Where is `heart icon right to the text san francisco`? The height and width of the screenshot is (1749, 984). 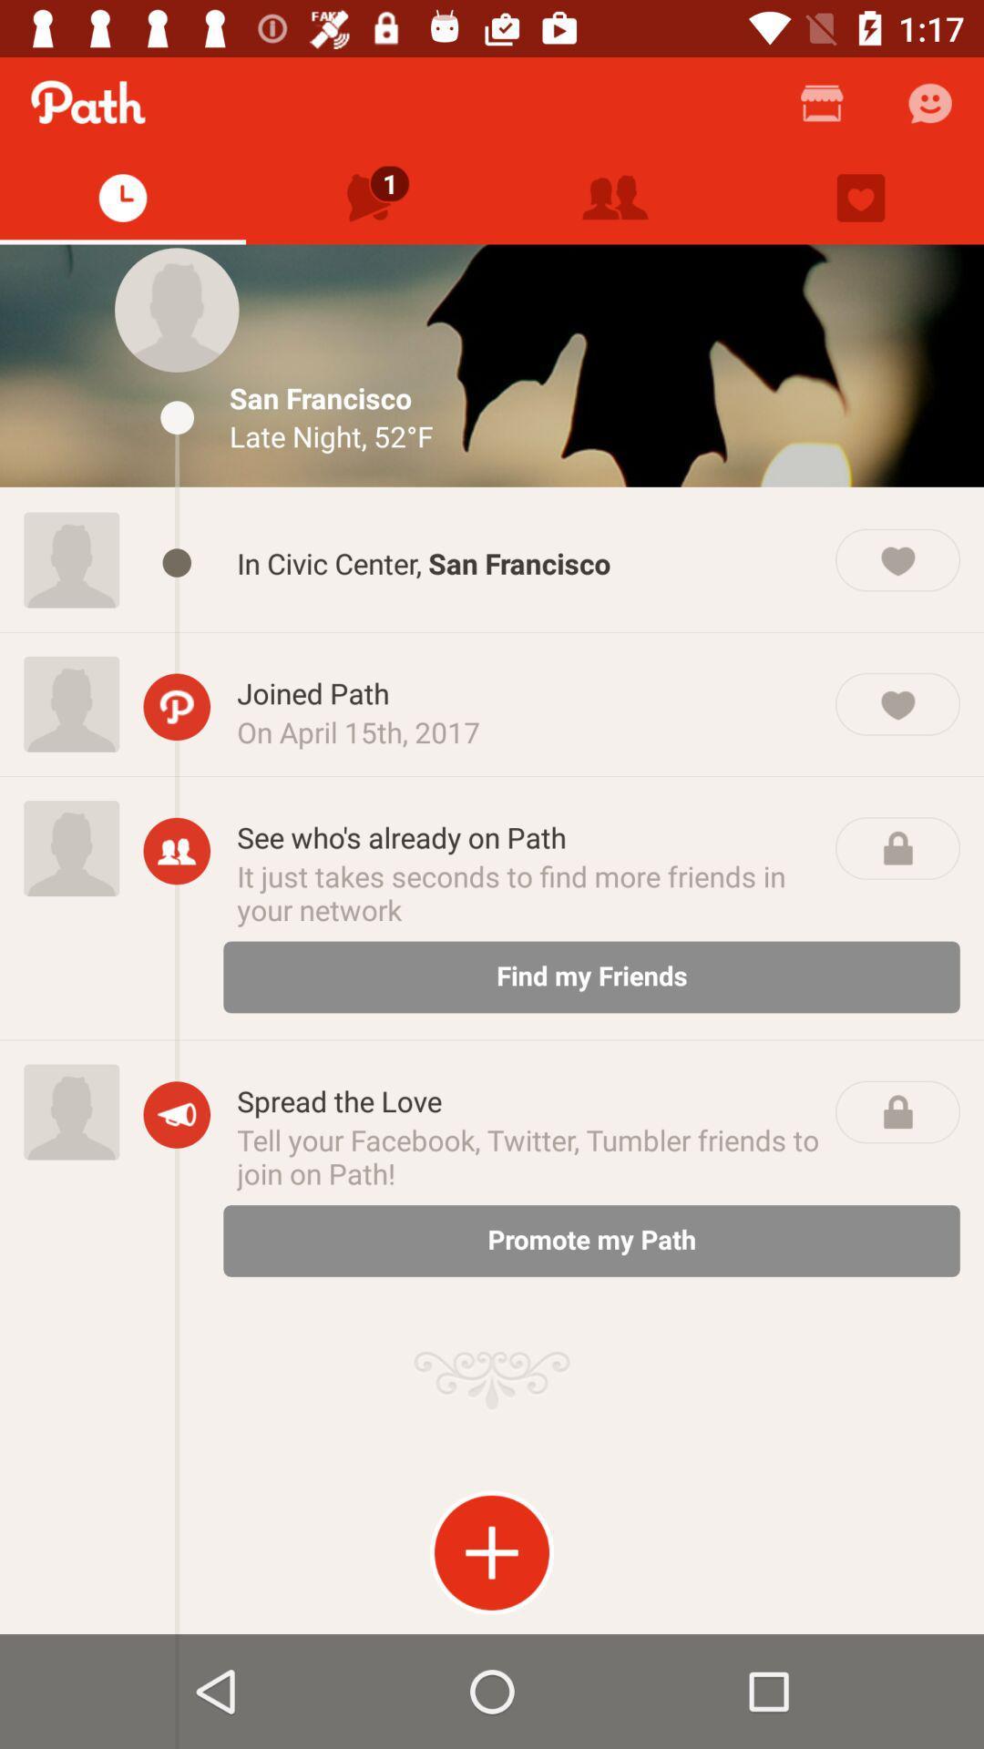
heart icon right to the text san francisco is located at coordinates (897, 558).